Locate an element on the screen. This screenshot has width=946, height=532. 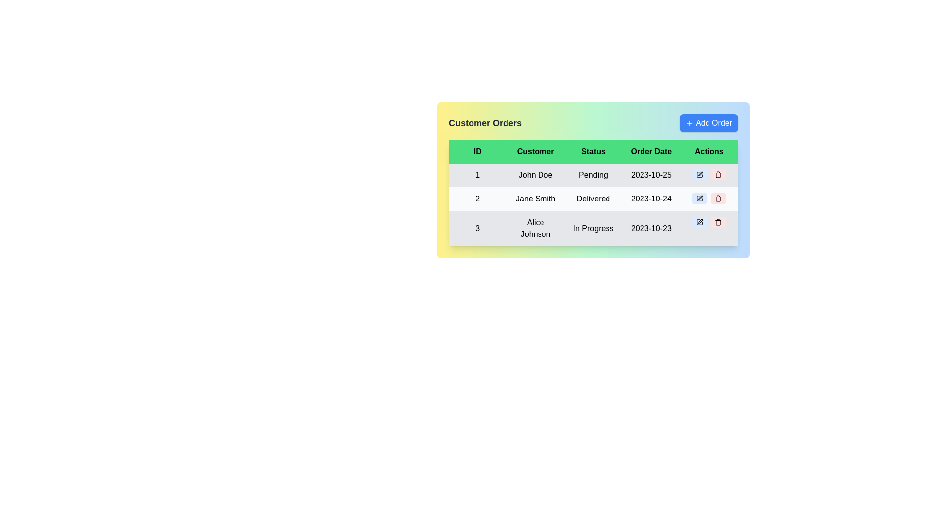
the static text displaying the order date for the entry corresponding to Jane Smith in the table is located at coordinates (651, 199).